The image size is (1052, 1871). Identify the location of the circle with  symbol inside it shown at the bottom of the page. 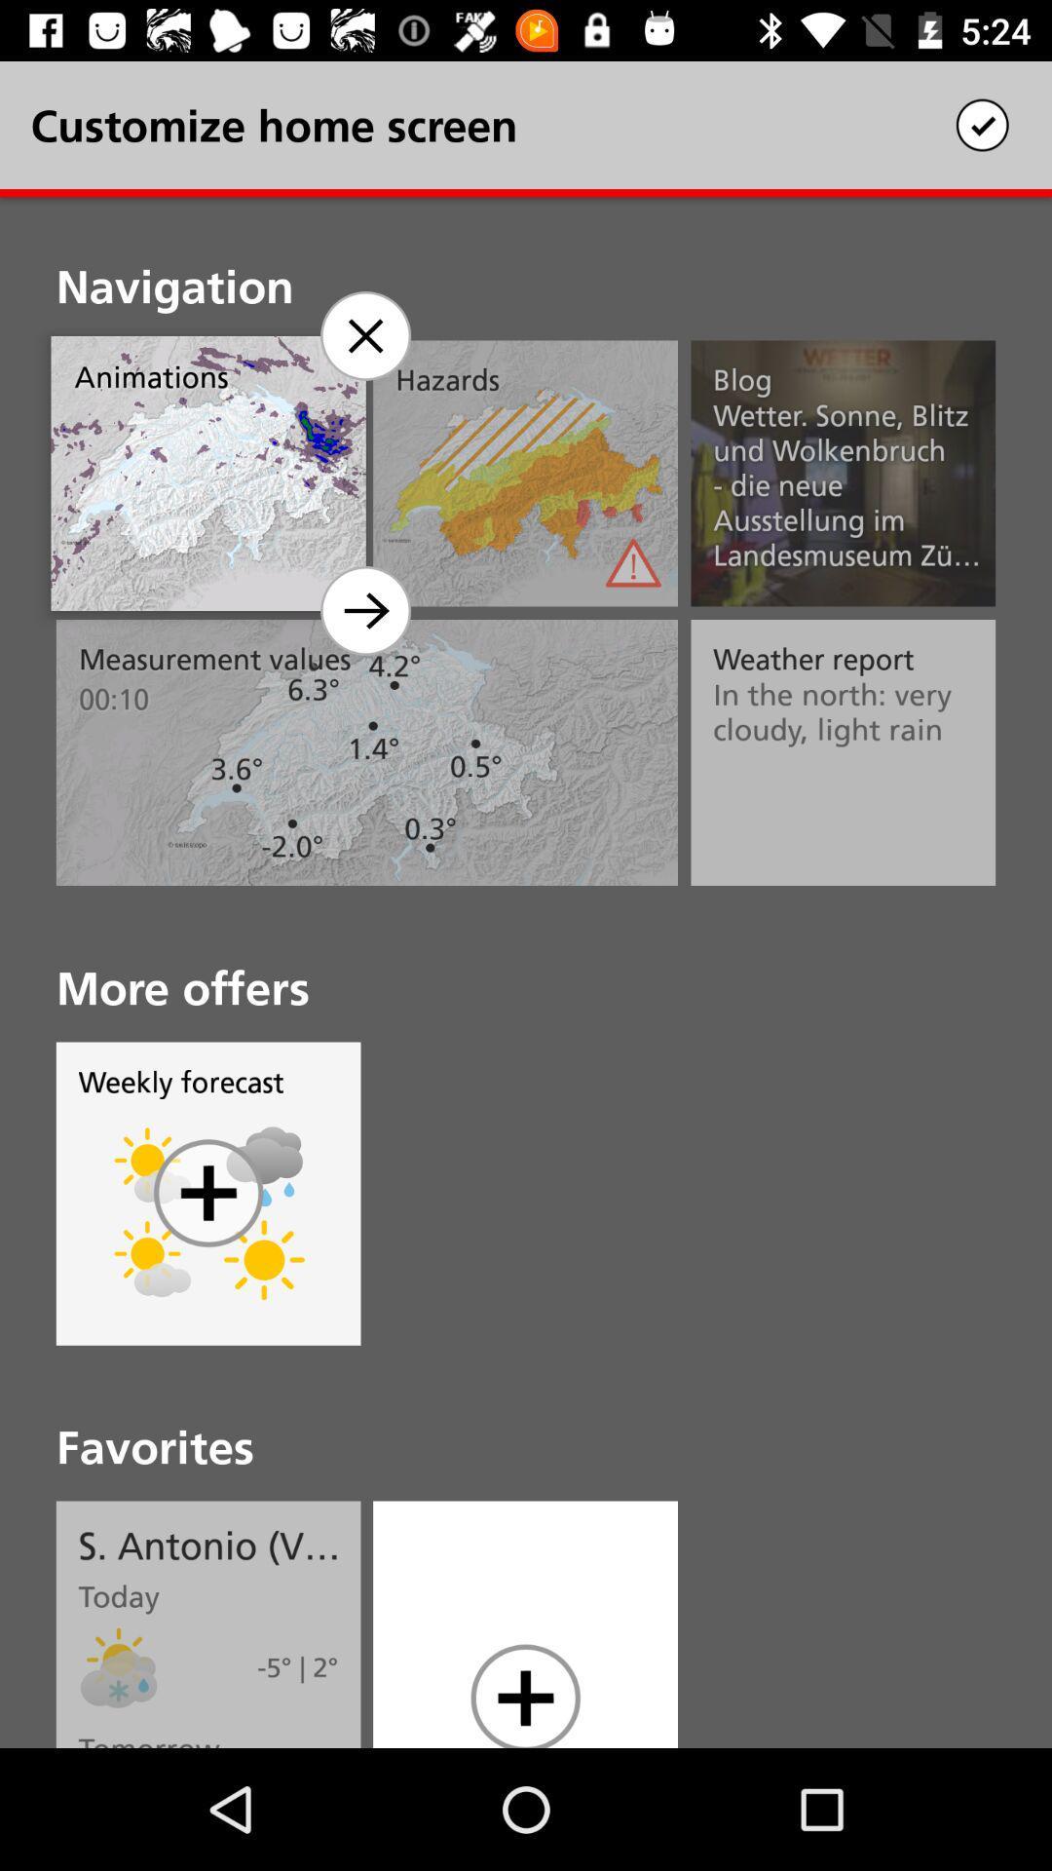
(524, 1694).